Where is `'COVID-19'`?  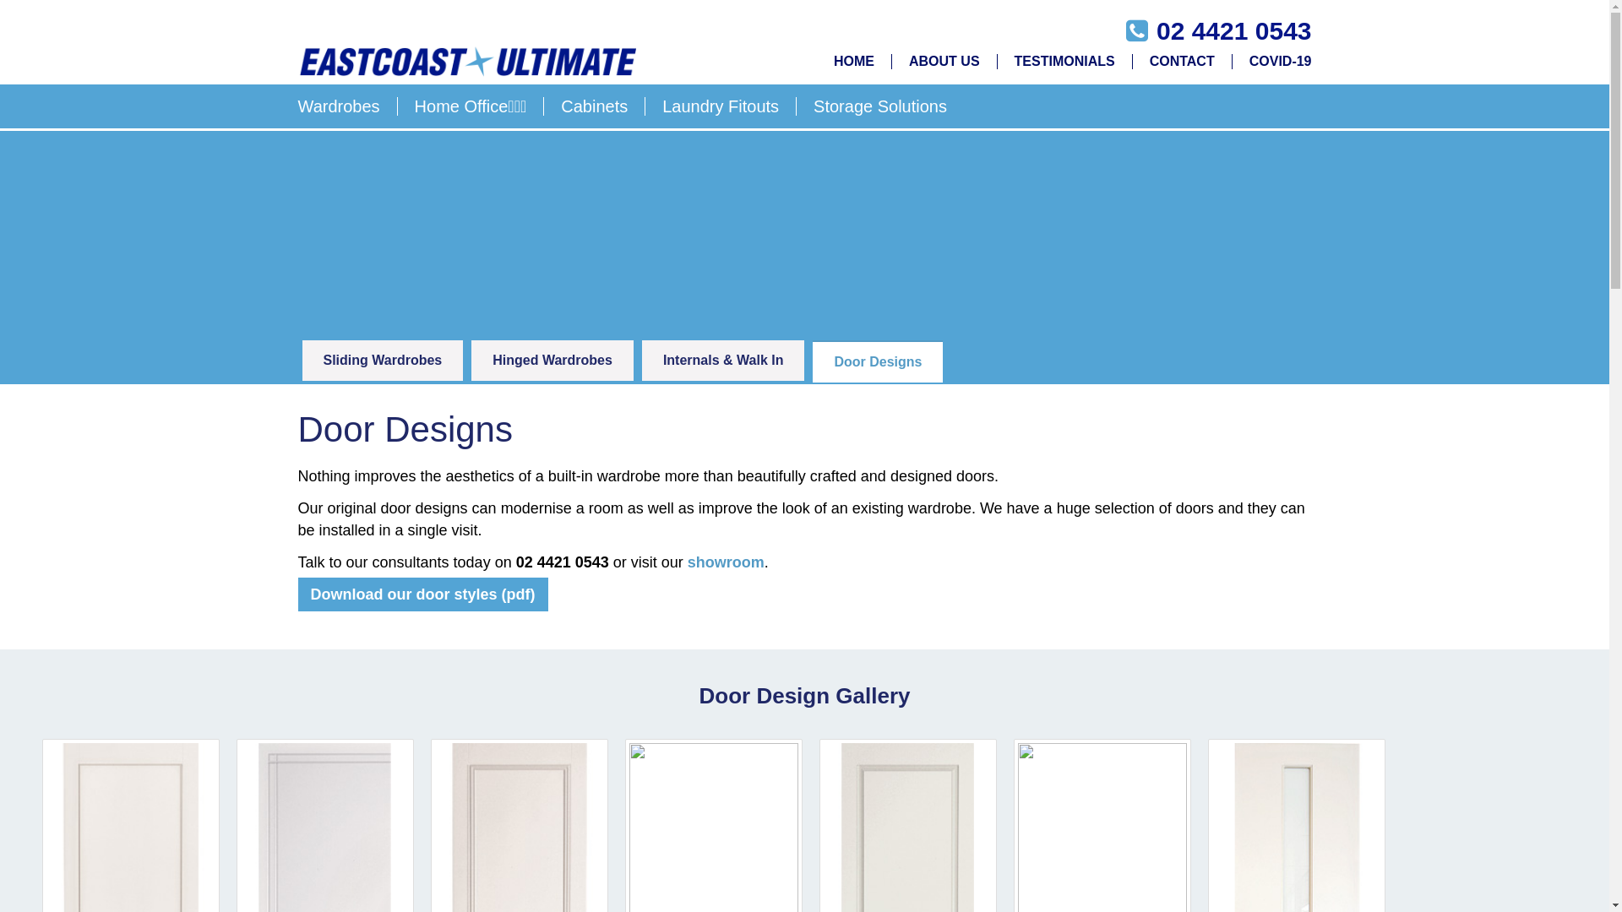 'COVID-19' is located at coordinates (1272, 61).